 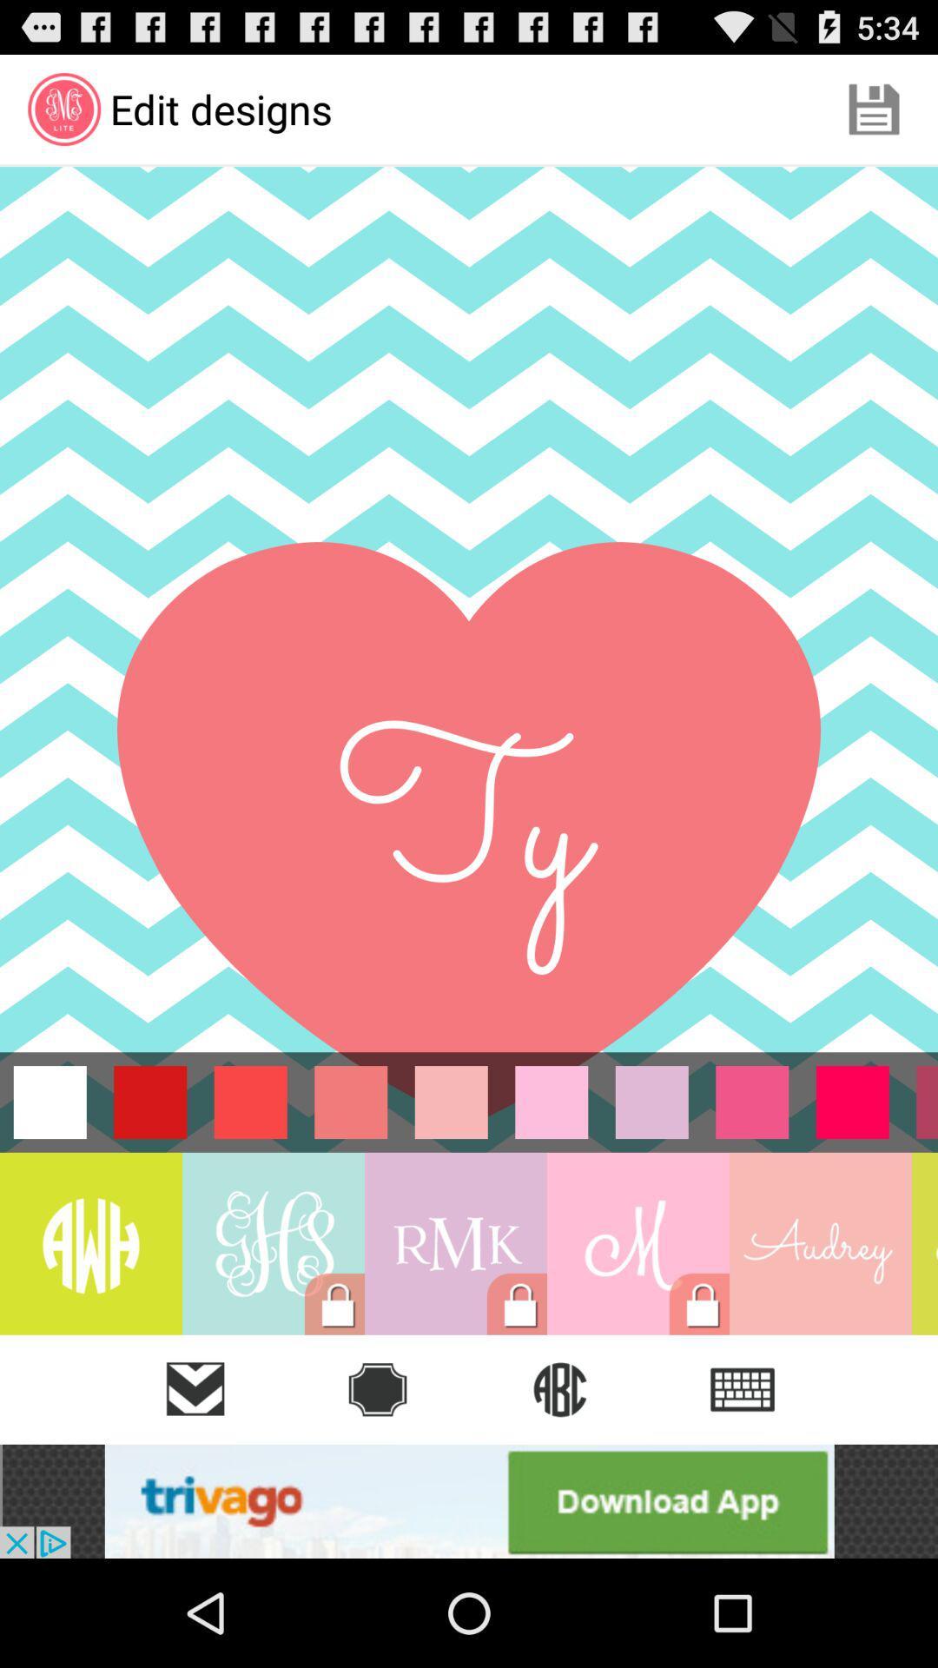 What do you see at coordinates (743, 1388) in the screenshot?
I see `the list icon` at bounding box center [743, 1388].